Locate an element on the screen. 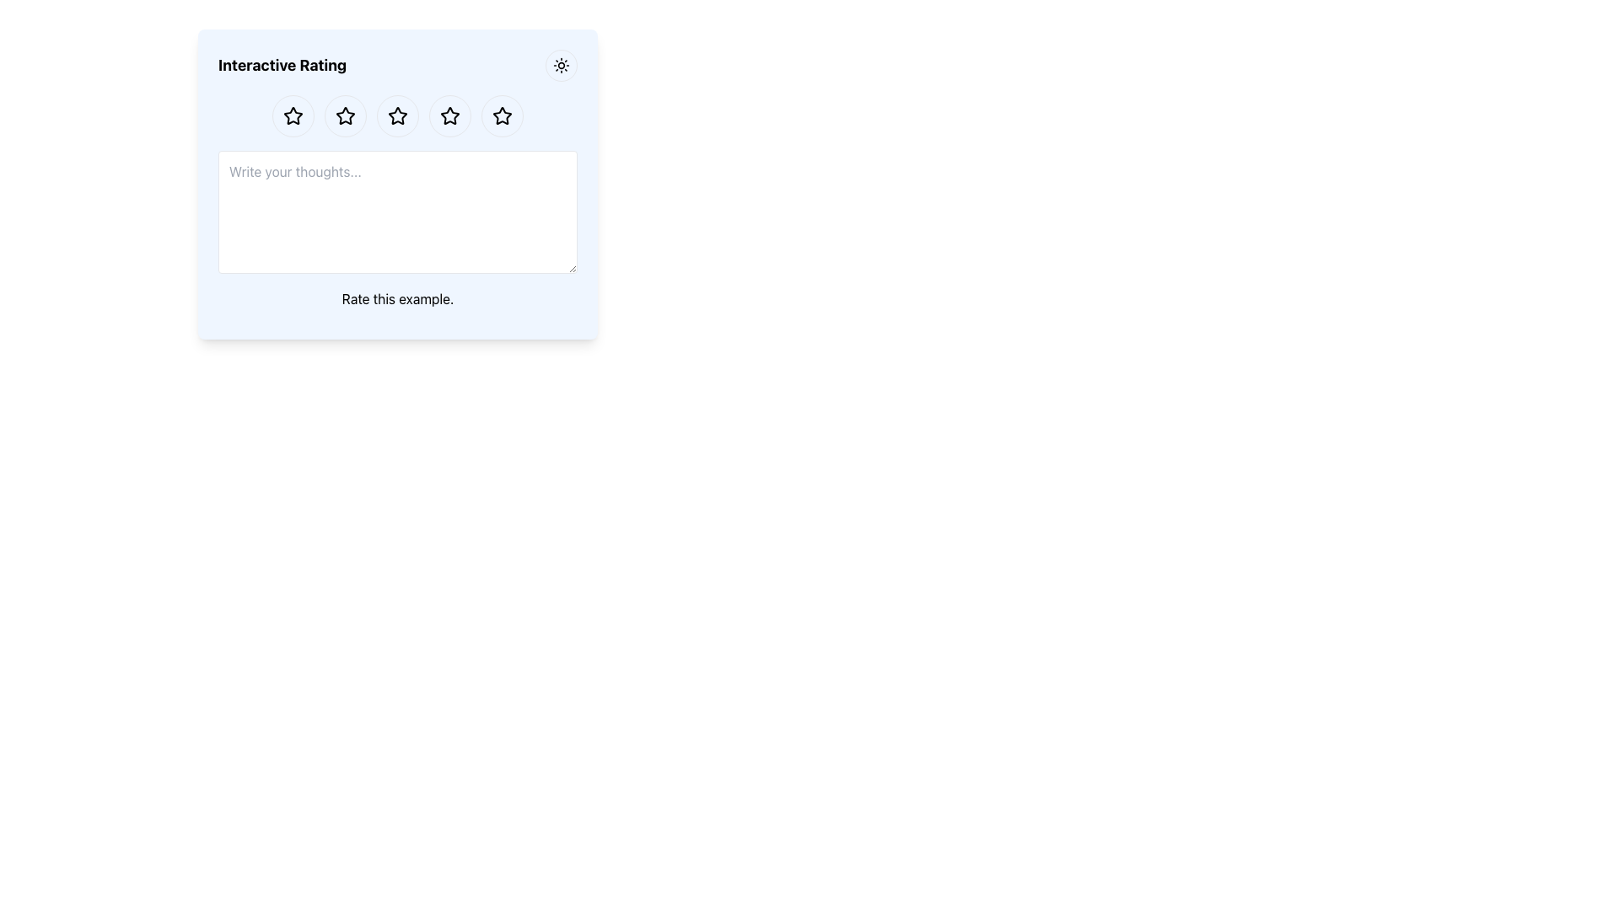 Image resolution: width=1619 pixels, height=910 pixels. the second star icon in the horizontal set of five stars on the rating widget is located at coordinates (344, 115).